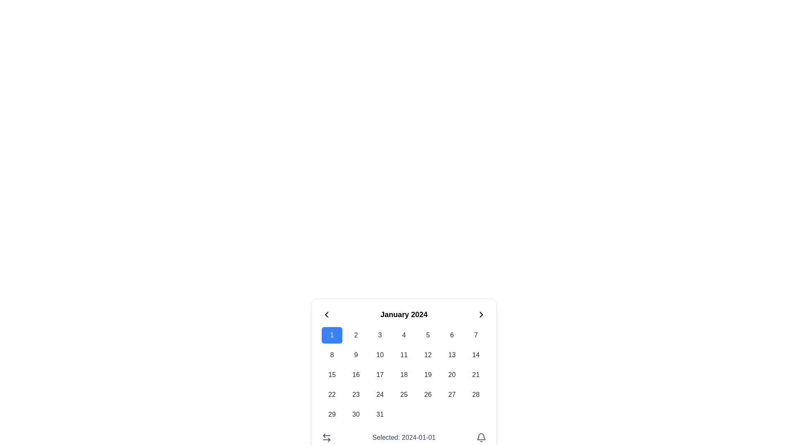  Describe the element at coordinates (356, 414) in the screenshot. I see `the numeric label button displaying the number '30' in the calendar grid` at that location.